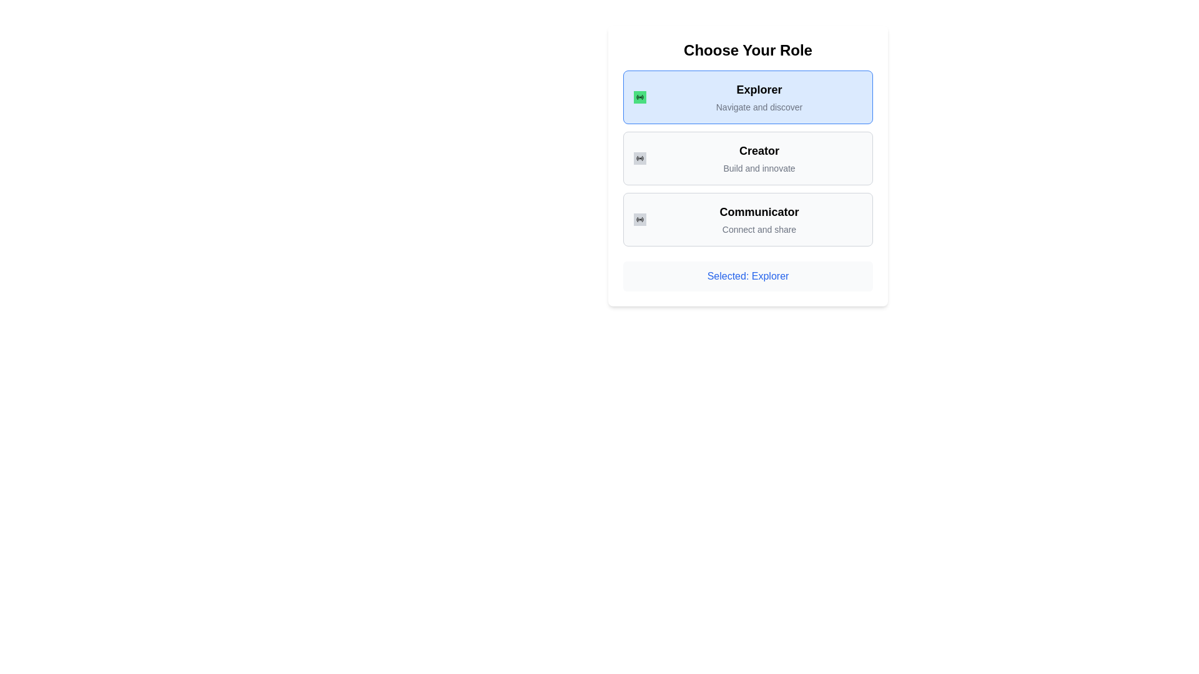  What do you see at coordinates (758, 168) in the screenshot?
I see `the text element that reads 'Build and innovate' styled in gray font, located beneath the title 'Creator' in the option section for role selections` at bounding box center [758, 168].